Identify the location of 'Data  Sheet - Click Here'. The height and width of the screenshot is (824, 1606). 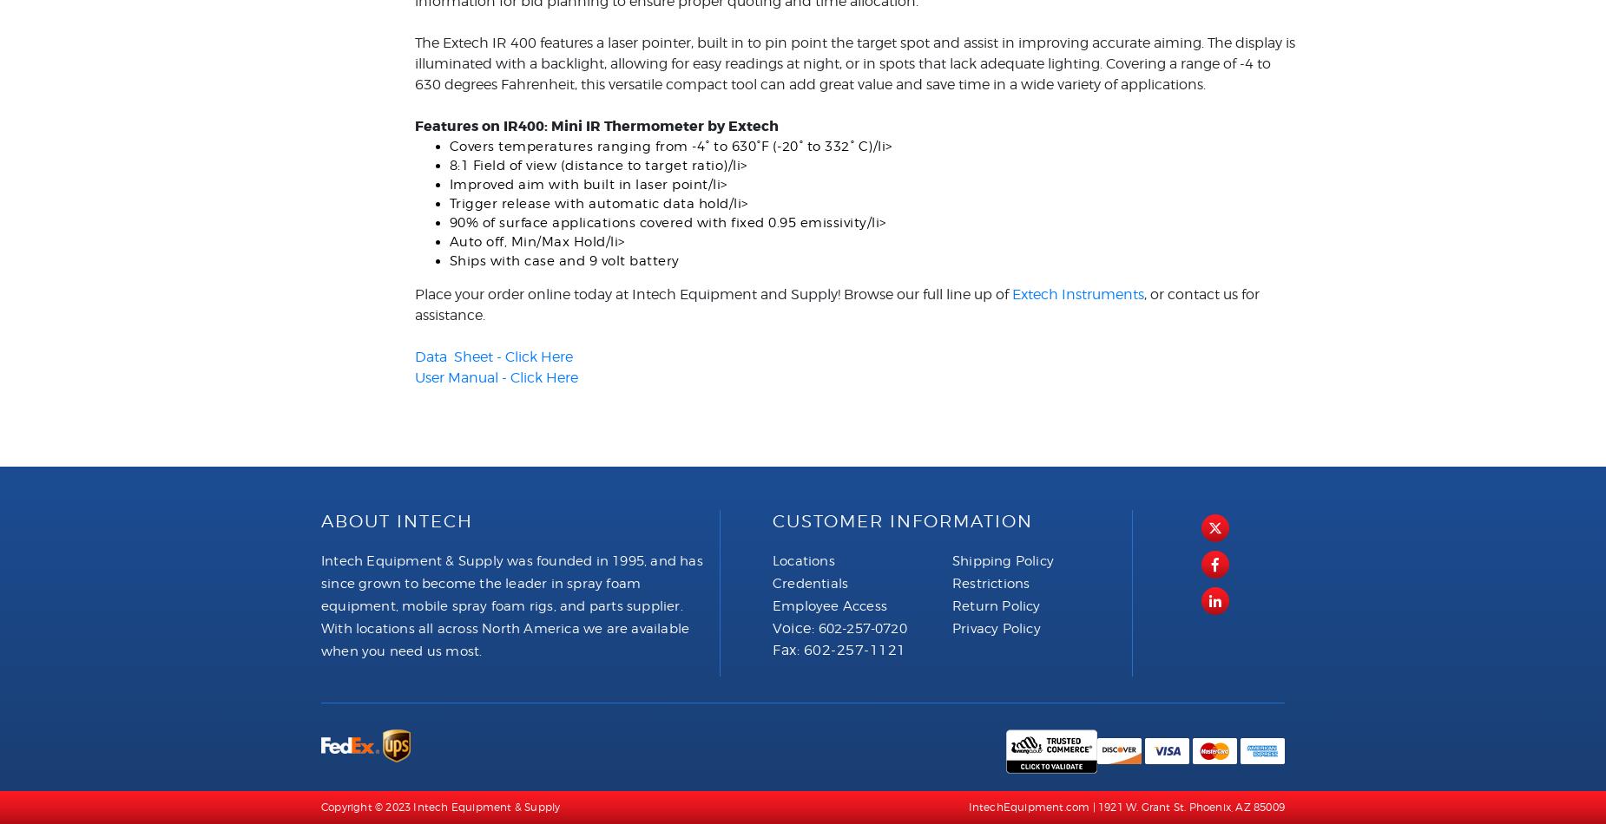
(492, 355).